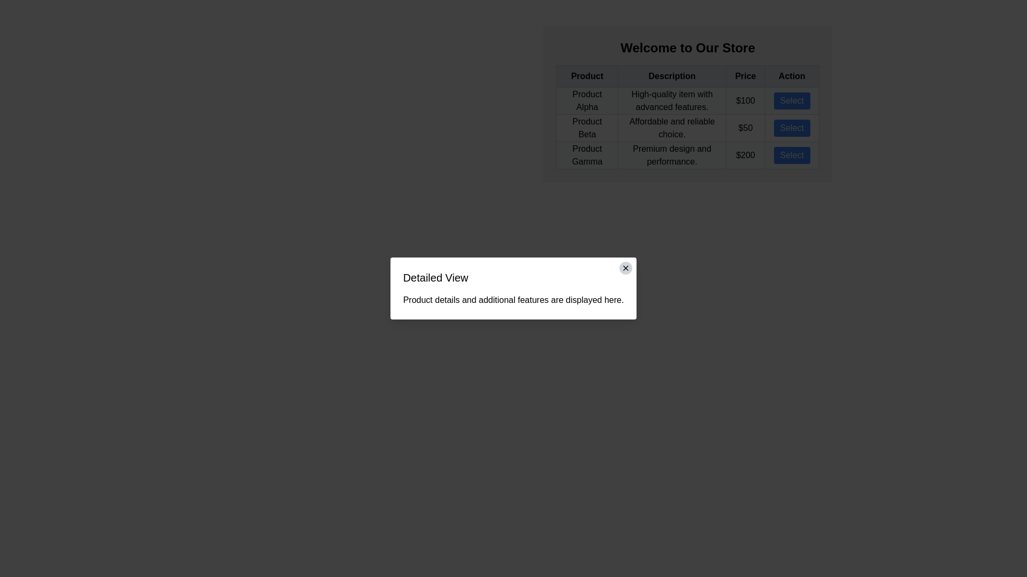  I want to click on the button in the Action column for 'Product Alpha', so click(792, 101).